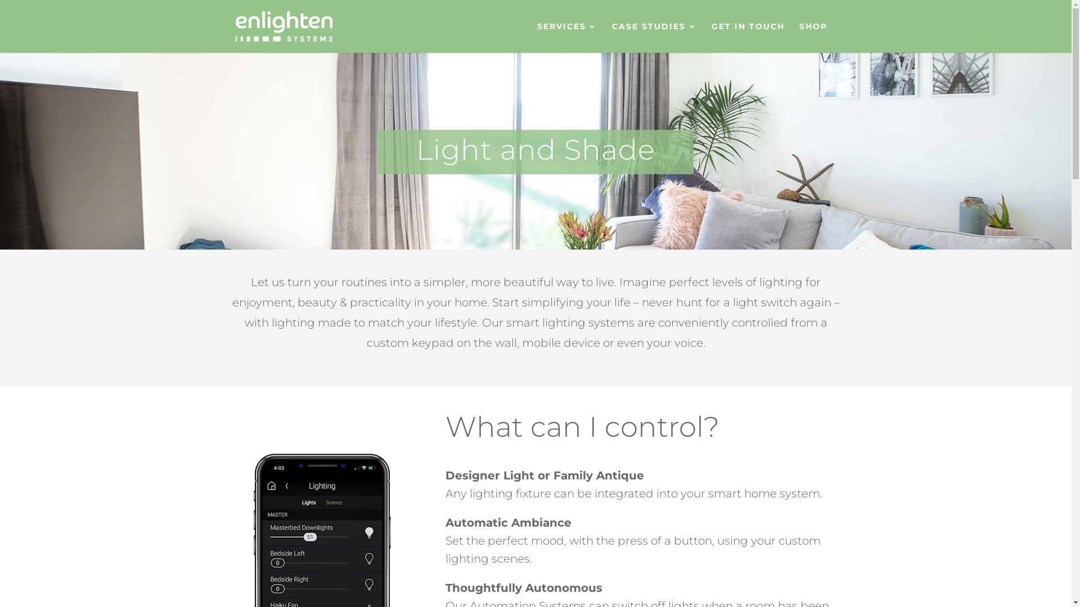 This screenshot has width=1080, height=607. I want to click on 'CASE STUDIES', so click(611, 37).